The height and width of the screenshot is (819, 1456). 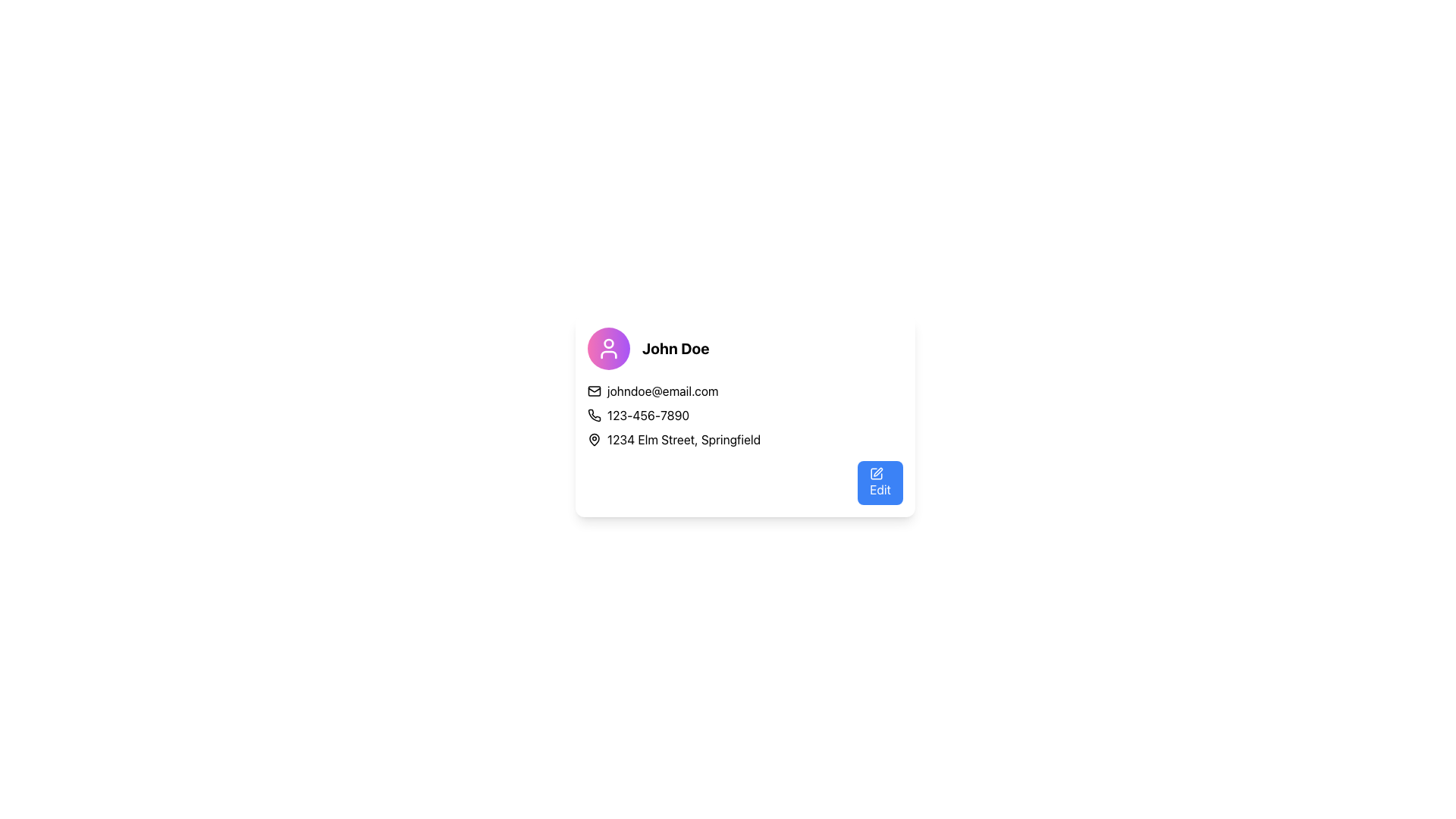 I want to click on the non-interactive text label displaying the user's name in the profile header section, located to the right of the avatar circle, so click(x=675, y=348).